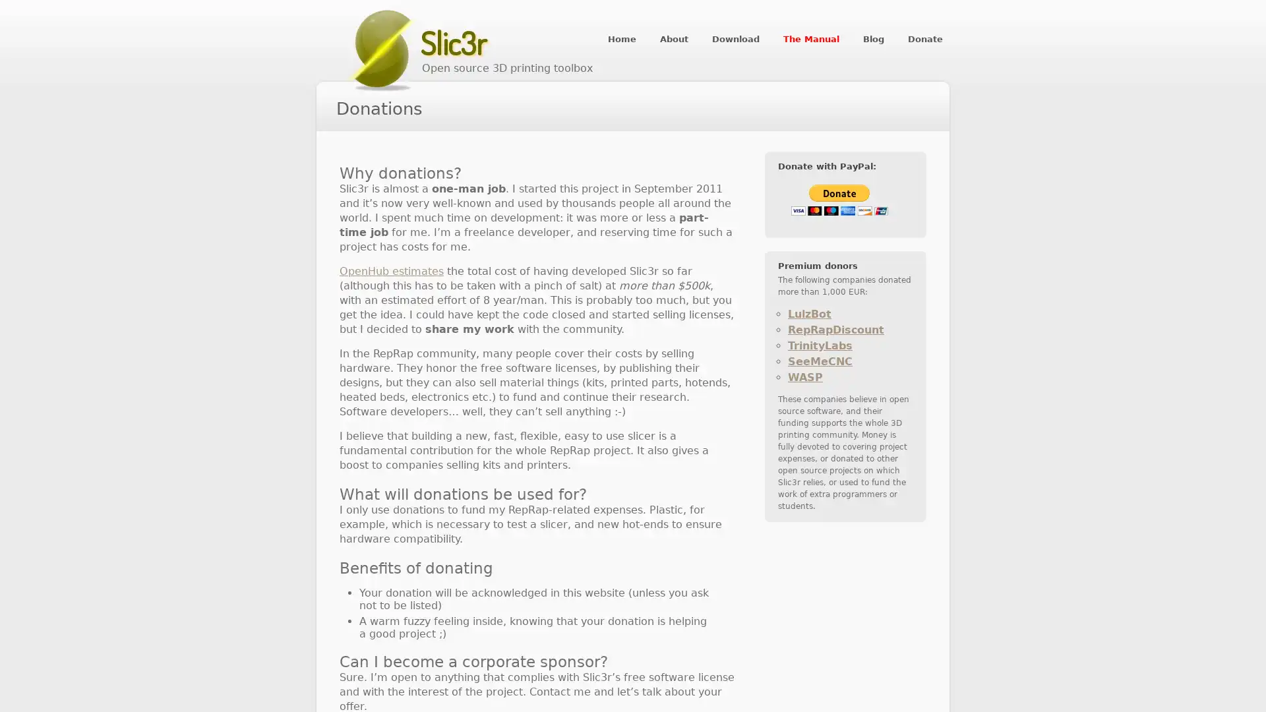  I want to click on PayPal - The safer, easier way to pay online!, so click(839, 200).